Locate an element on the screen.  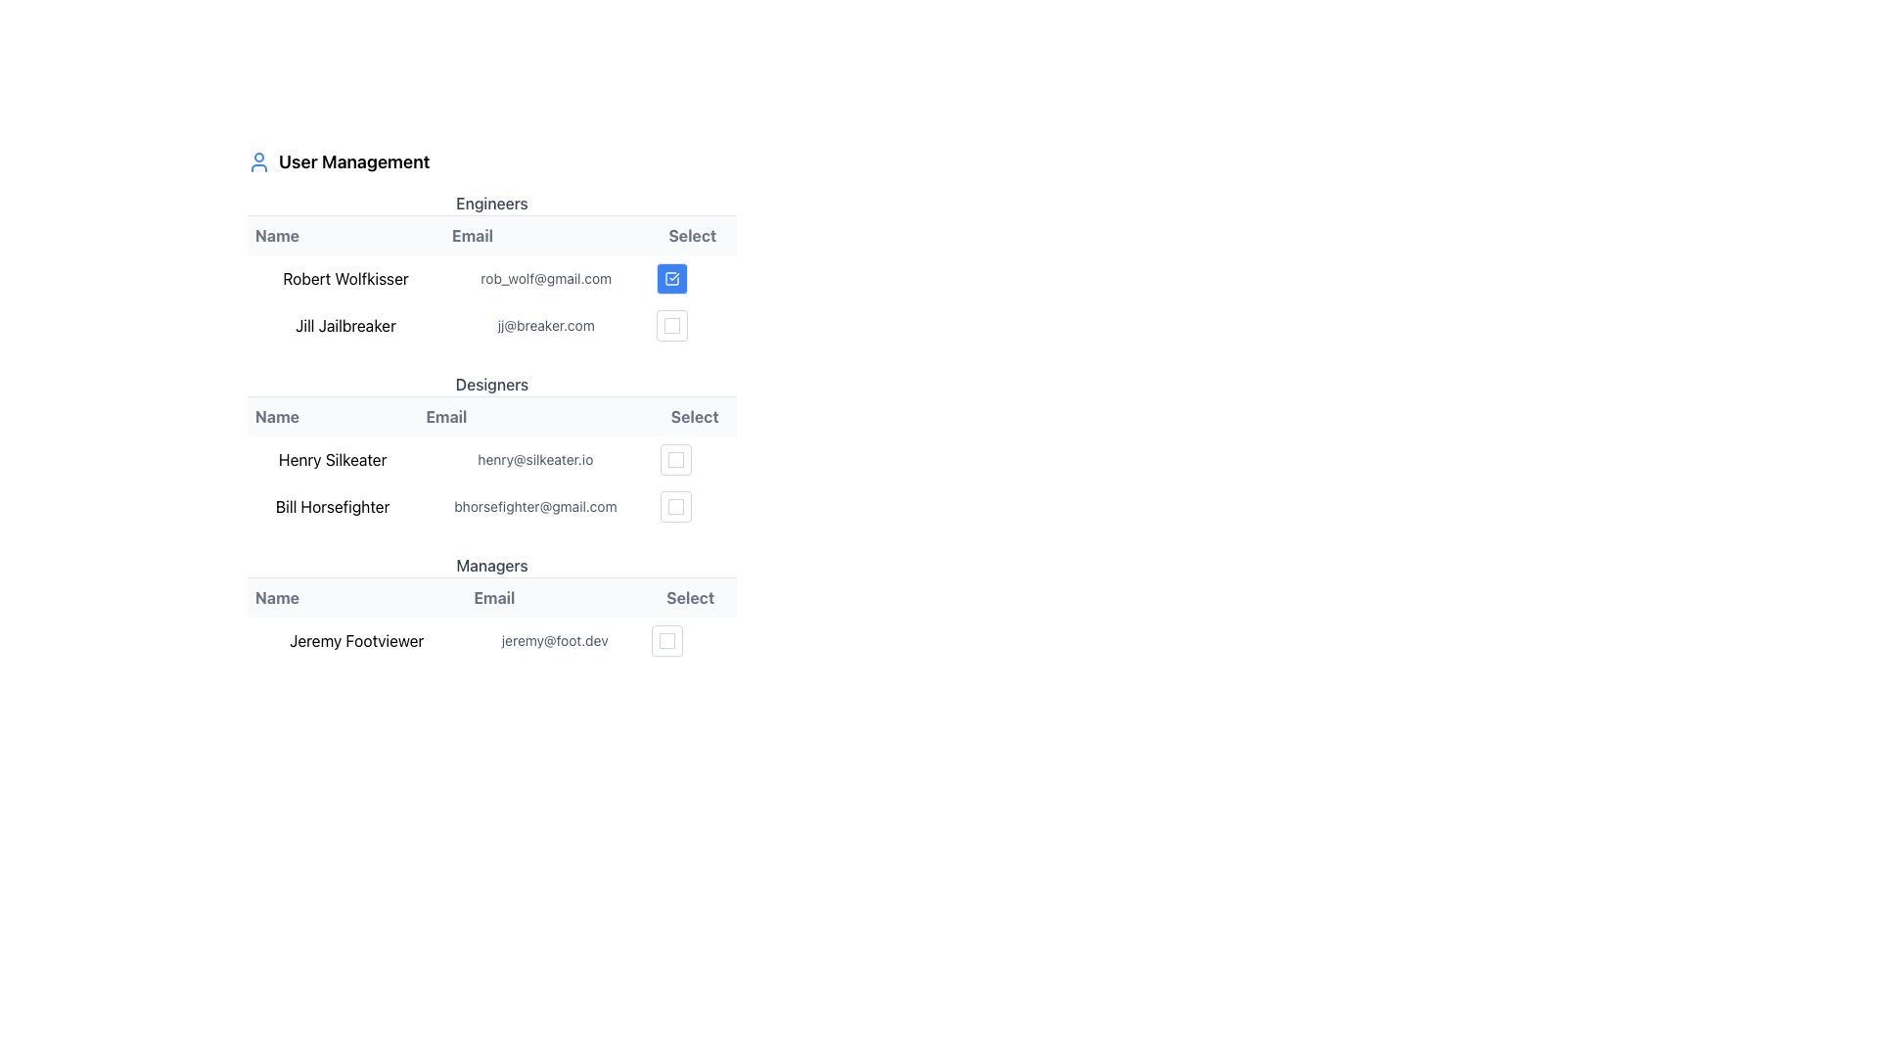
the checkbox located in the rightmost column of the 'Managers' section aligned with the row for 'Jeremy Footviewer' is located at coordinates (690, 641).